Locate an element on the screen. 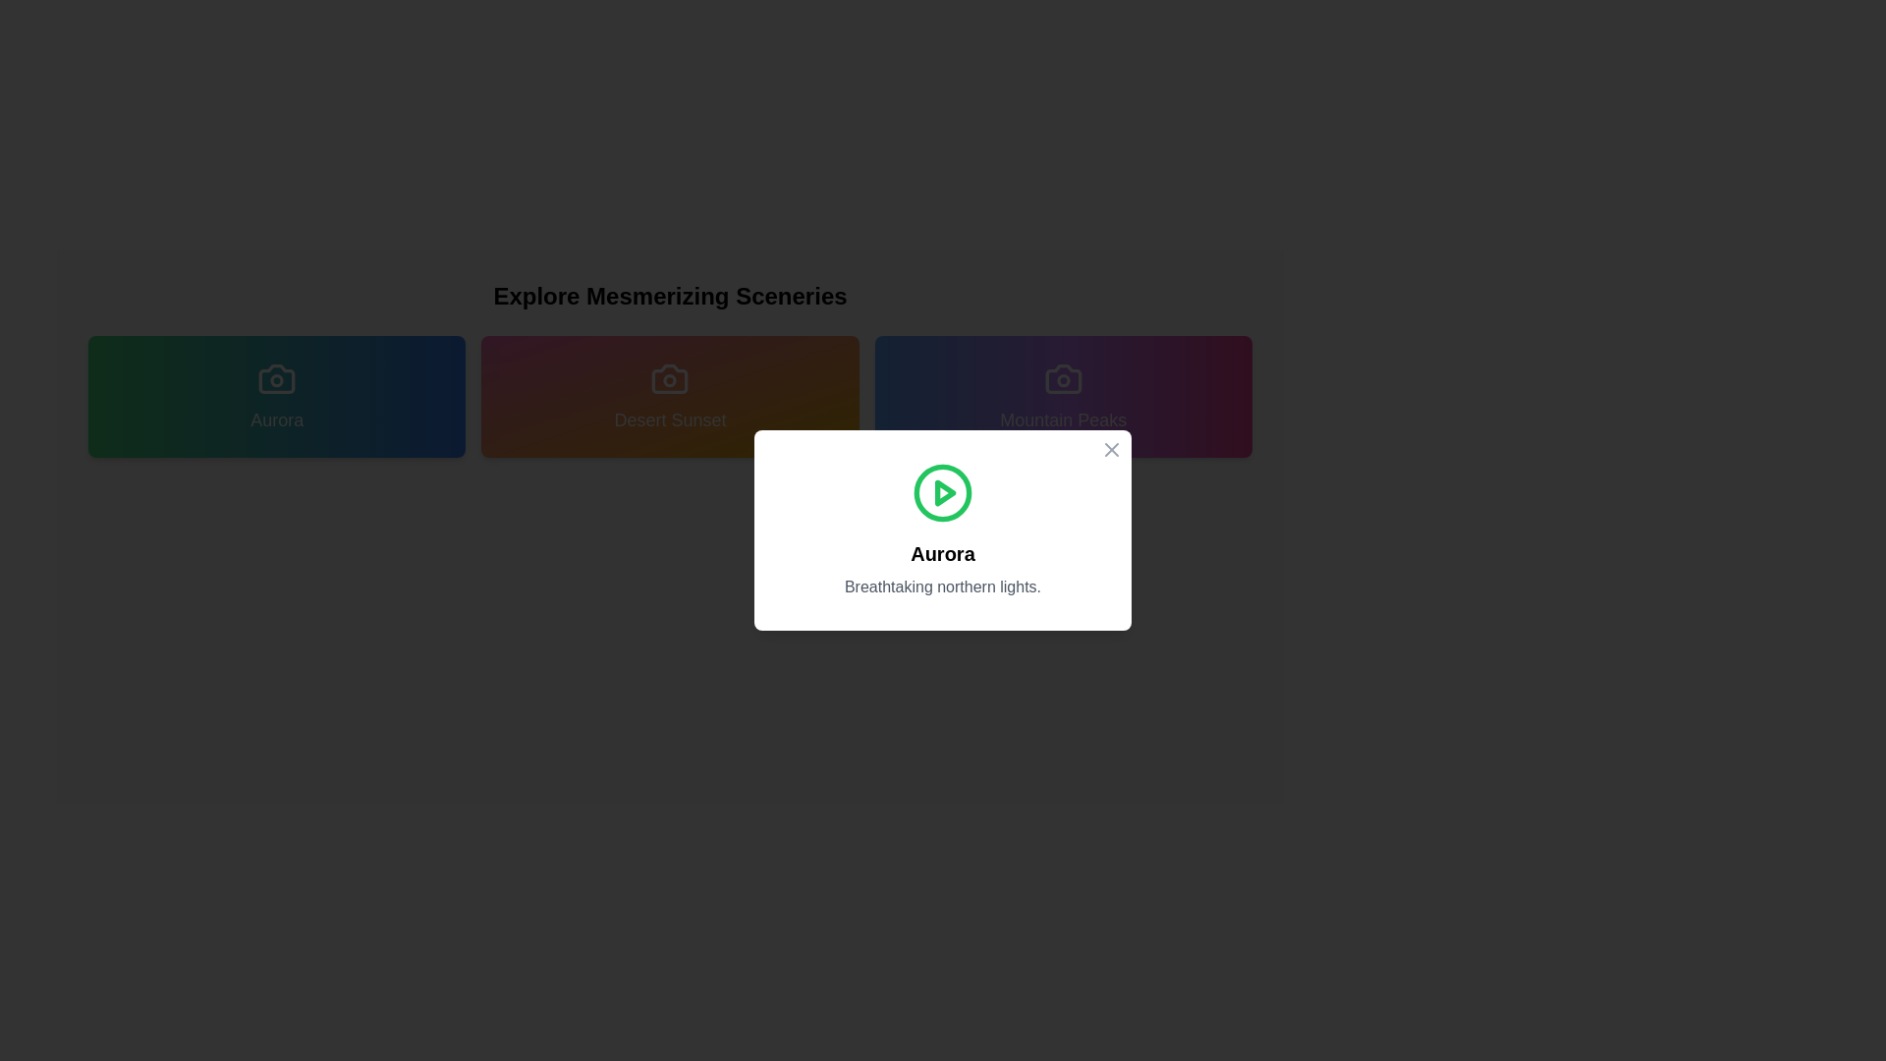  the Close Button icon located in the top-right corner of the dialog box is located at coordinates (1112, 450).